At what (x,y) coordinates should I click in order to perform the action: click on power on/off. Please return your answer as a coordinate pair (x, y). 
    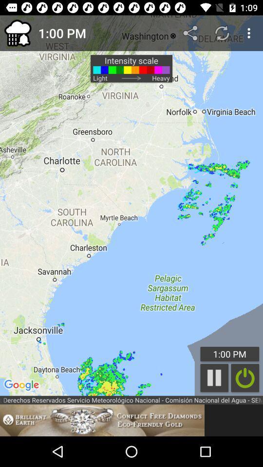
    Looking at the image, I should click on (244, 377).